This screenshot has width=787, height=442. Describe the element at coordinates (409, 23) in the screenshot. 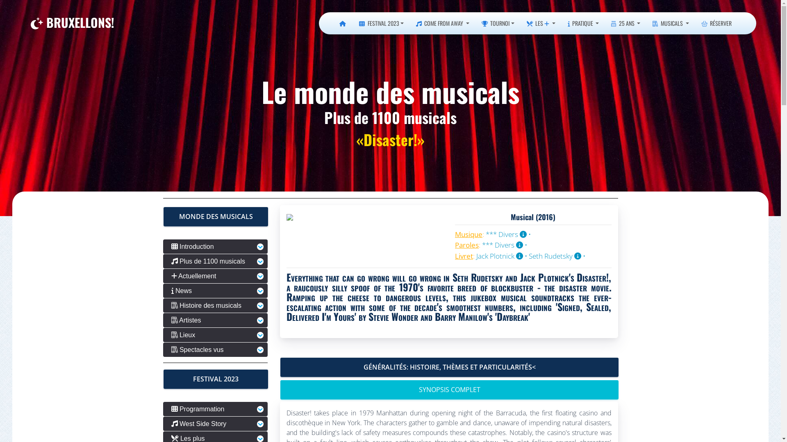

I see `'COME FROM AWAY'` at that location.